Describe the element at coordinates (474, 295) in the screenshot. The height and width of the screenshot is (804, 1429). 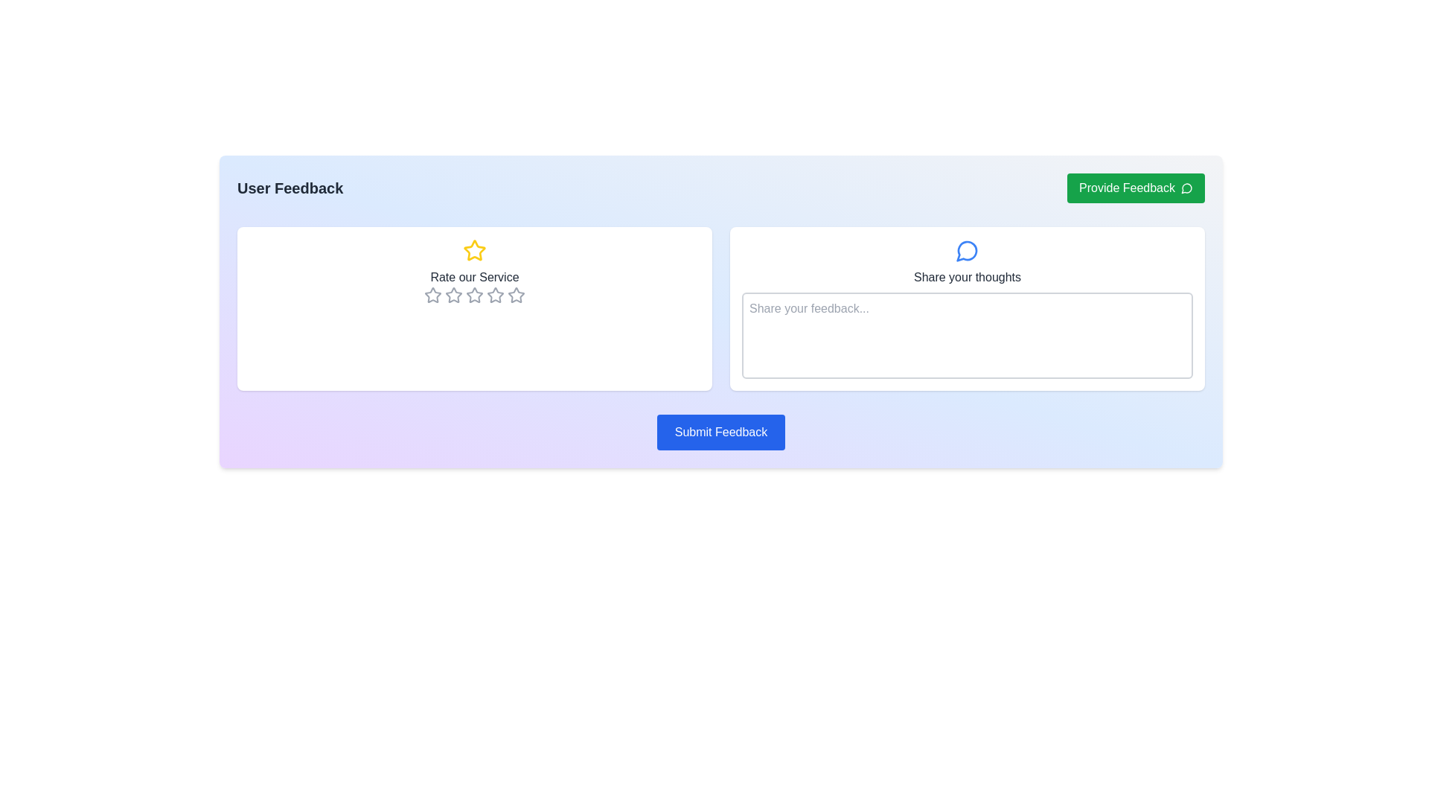
I see `the second star icon from the left in the 'Rate our Service' feature` at that location.